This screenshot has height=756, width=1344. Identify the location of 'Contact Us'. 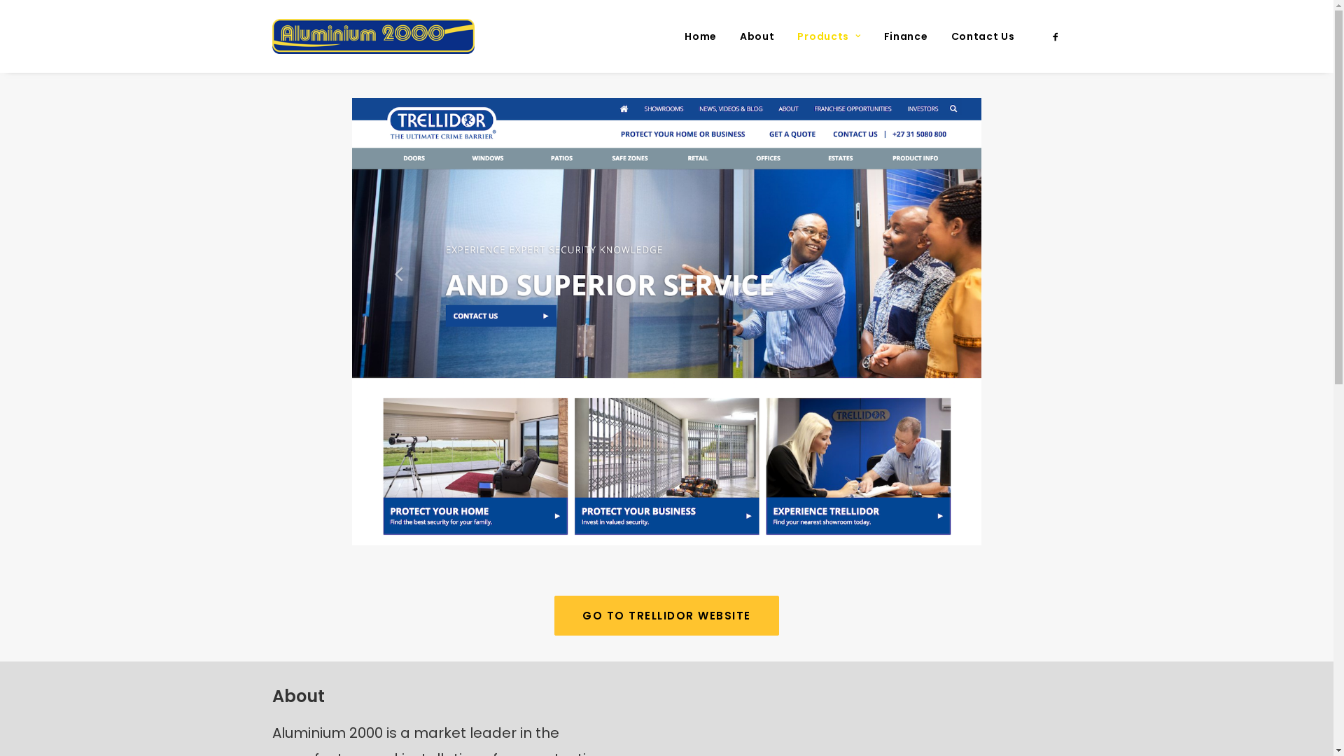
(976, 35).